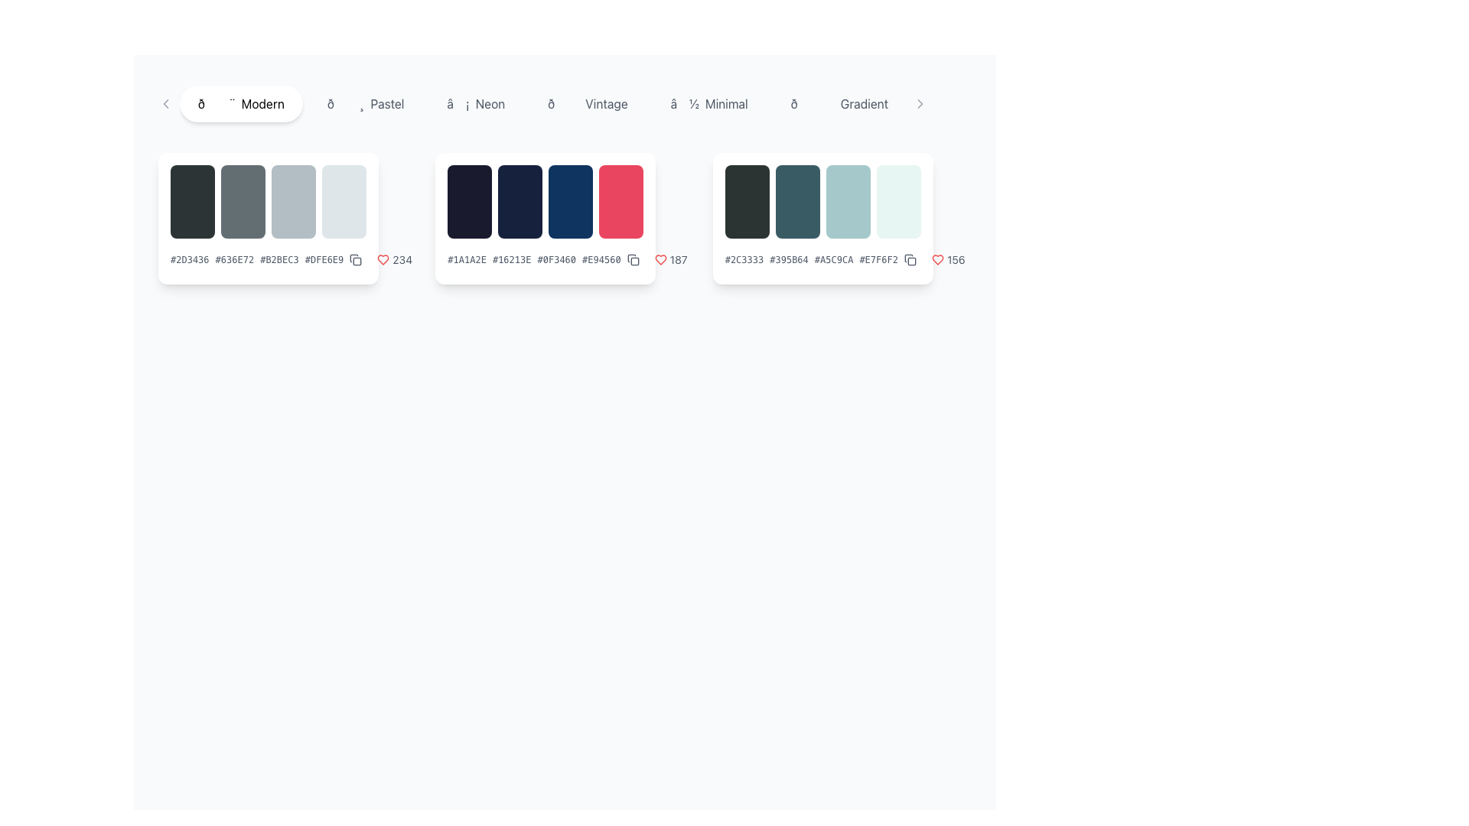 The width and height of the screenshot is (1469, 826). I want to click on the heart-shaped icon indicating a 'like' or 'favorite' action, located beneath the color palette with hex codes '#2C3333', '#395B64', '#A5C9CA', and '#E7F6F2', which has a count of '156', so click(936, 259).